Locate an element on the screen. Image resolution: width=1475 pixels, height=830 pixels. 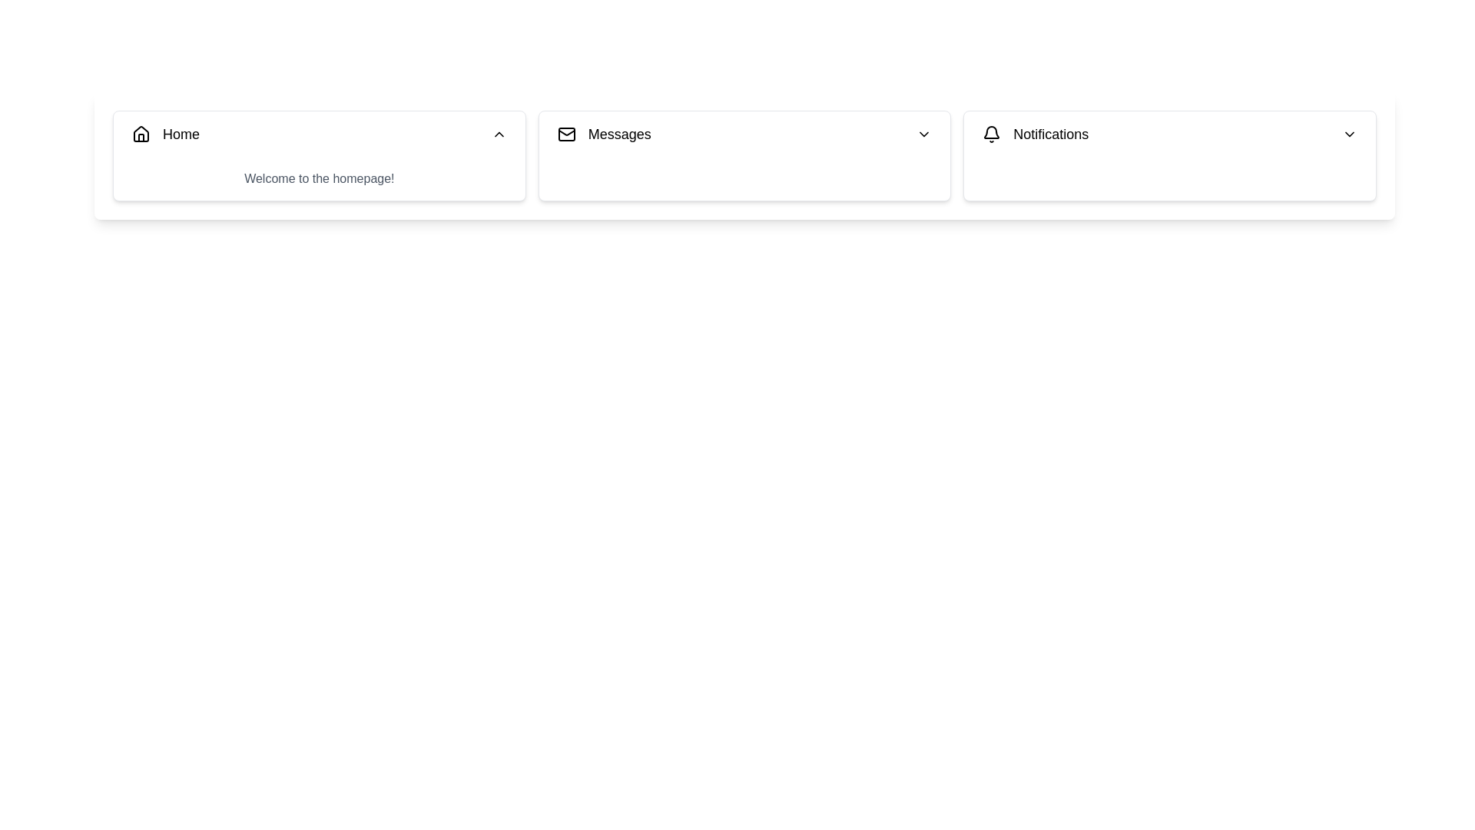
the outlined bell icon representing notifications, which is positioned to the left of the text 'Notifications' in the notification panel located at the top right corner is located at coordinates (992, 133).